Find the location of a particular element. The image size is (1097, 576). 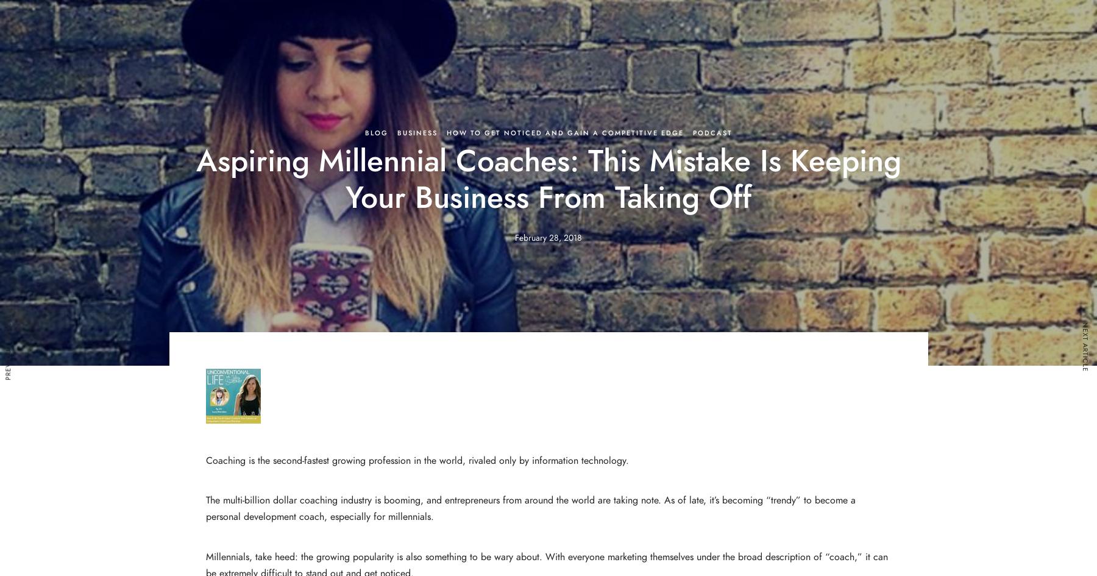

'Coaching is the second-fastest growing profession in the world, rivaled only by information technology.' is located at coordinates (204, 459).